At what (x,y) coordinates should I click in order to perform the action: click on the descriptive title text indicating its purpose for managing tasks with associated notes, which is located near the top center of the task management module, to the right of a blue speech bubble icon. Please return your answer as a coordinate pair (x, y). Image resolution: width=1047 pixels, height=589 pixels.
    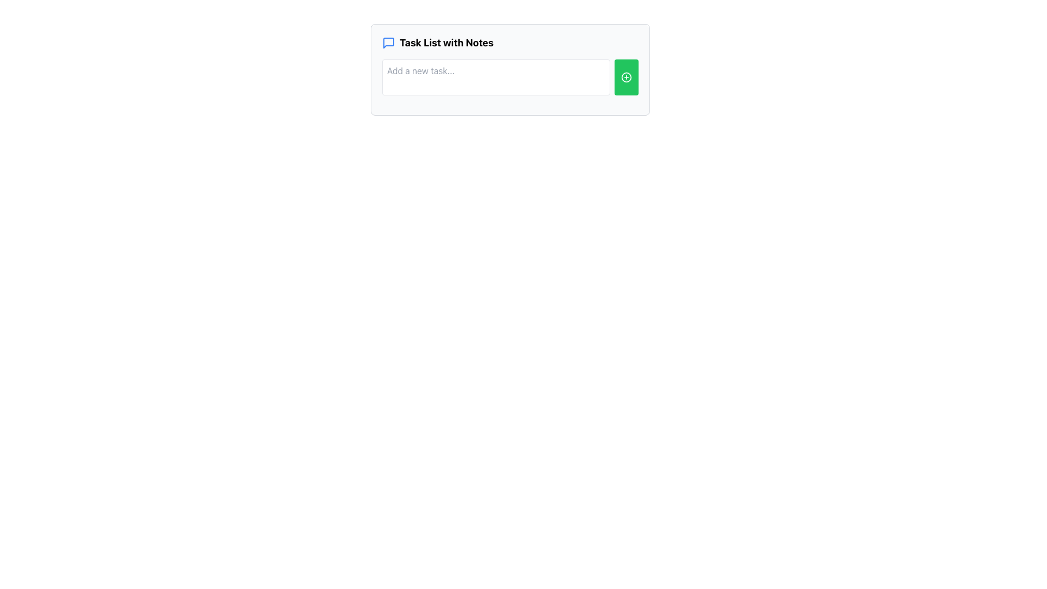
    Looking at the image, I should click on (447, 42).